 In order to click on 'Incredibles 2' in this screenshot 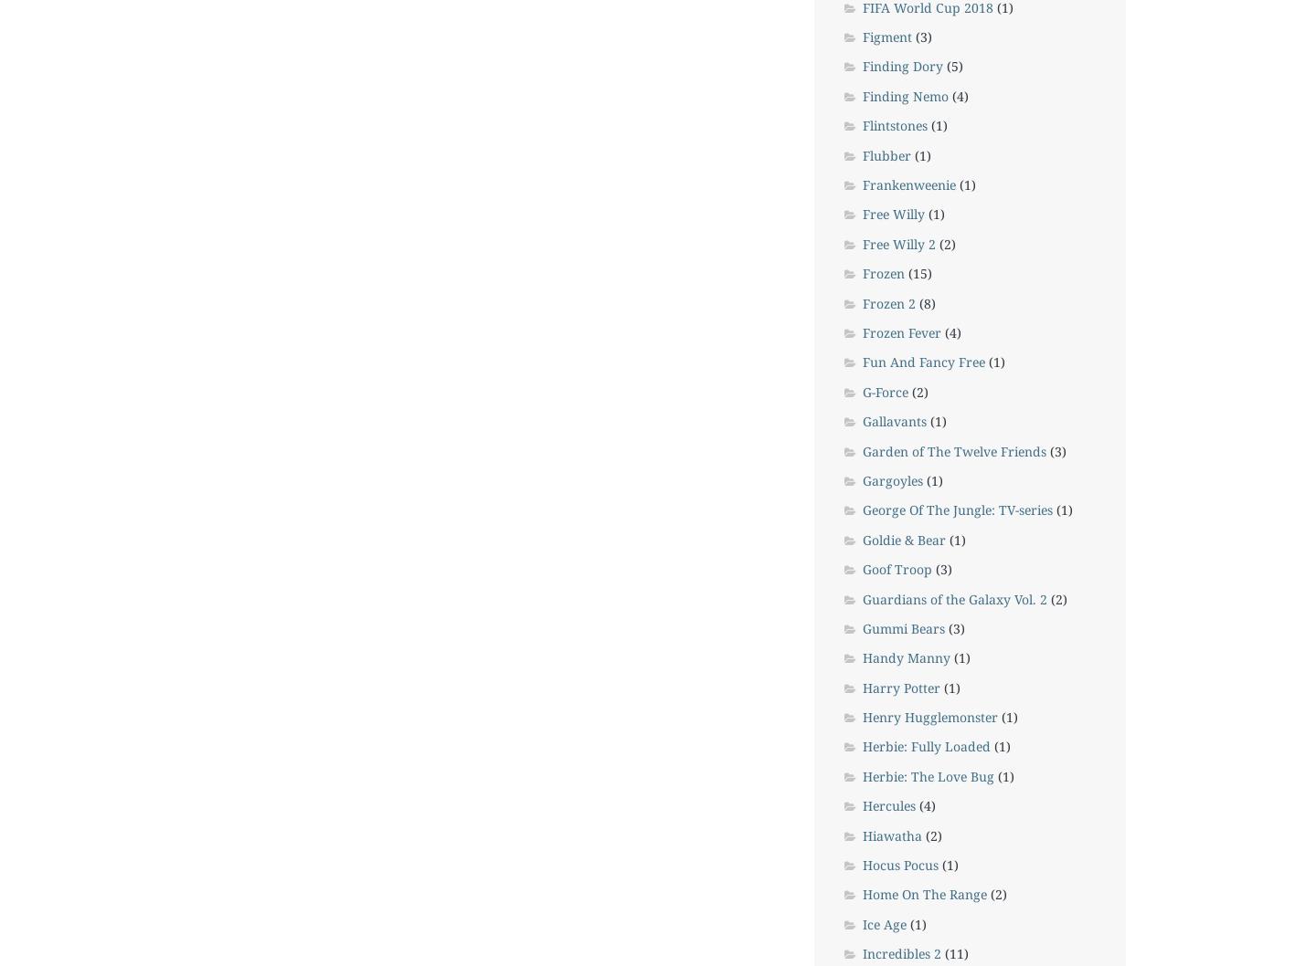, I will do `click(862, 952)`.